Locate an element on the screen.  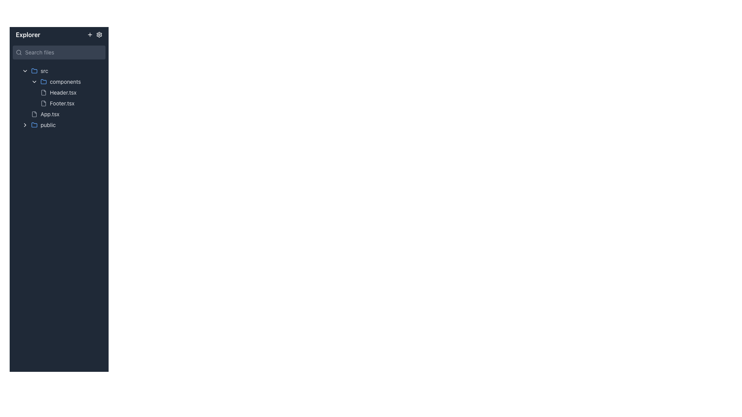
the topmost folder entry row labeled 'src' in the navigation panel is located at coordinates (62, 71).